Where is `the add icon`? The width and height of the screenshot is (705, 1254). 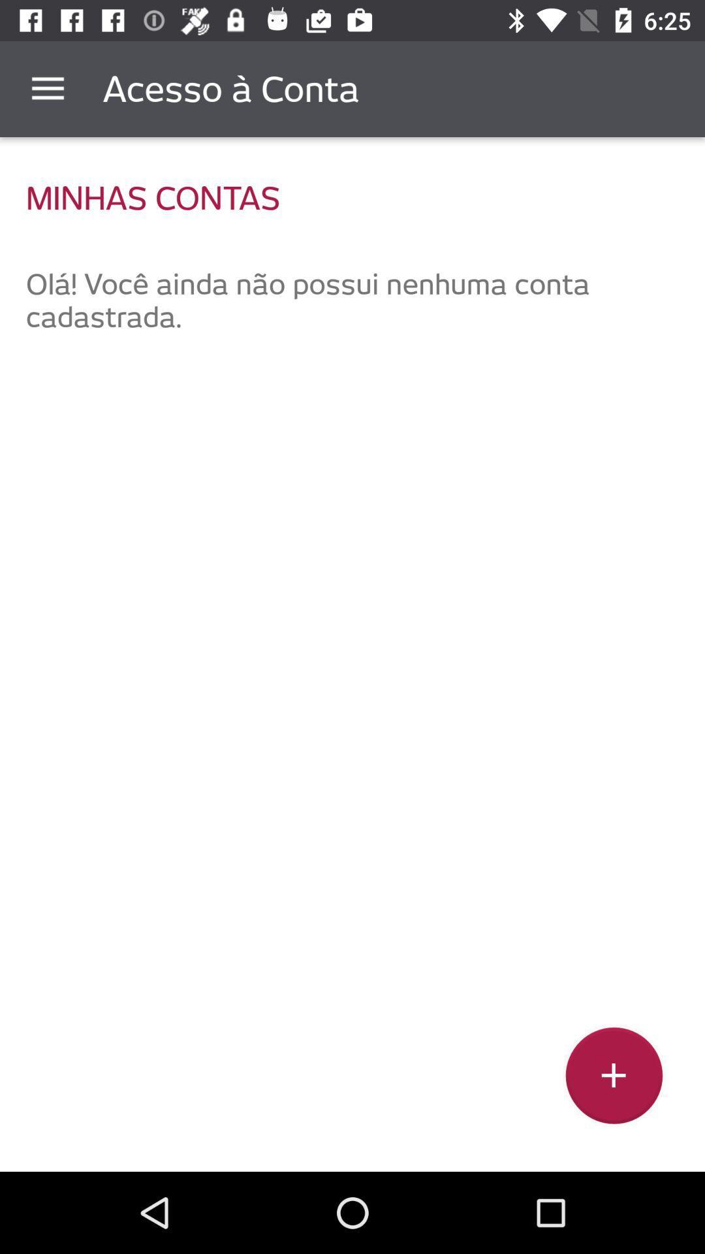
the add icon is located at coordinates (614, 1080).